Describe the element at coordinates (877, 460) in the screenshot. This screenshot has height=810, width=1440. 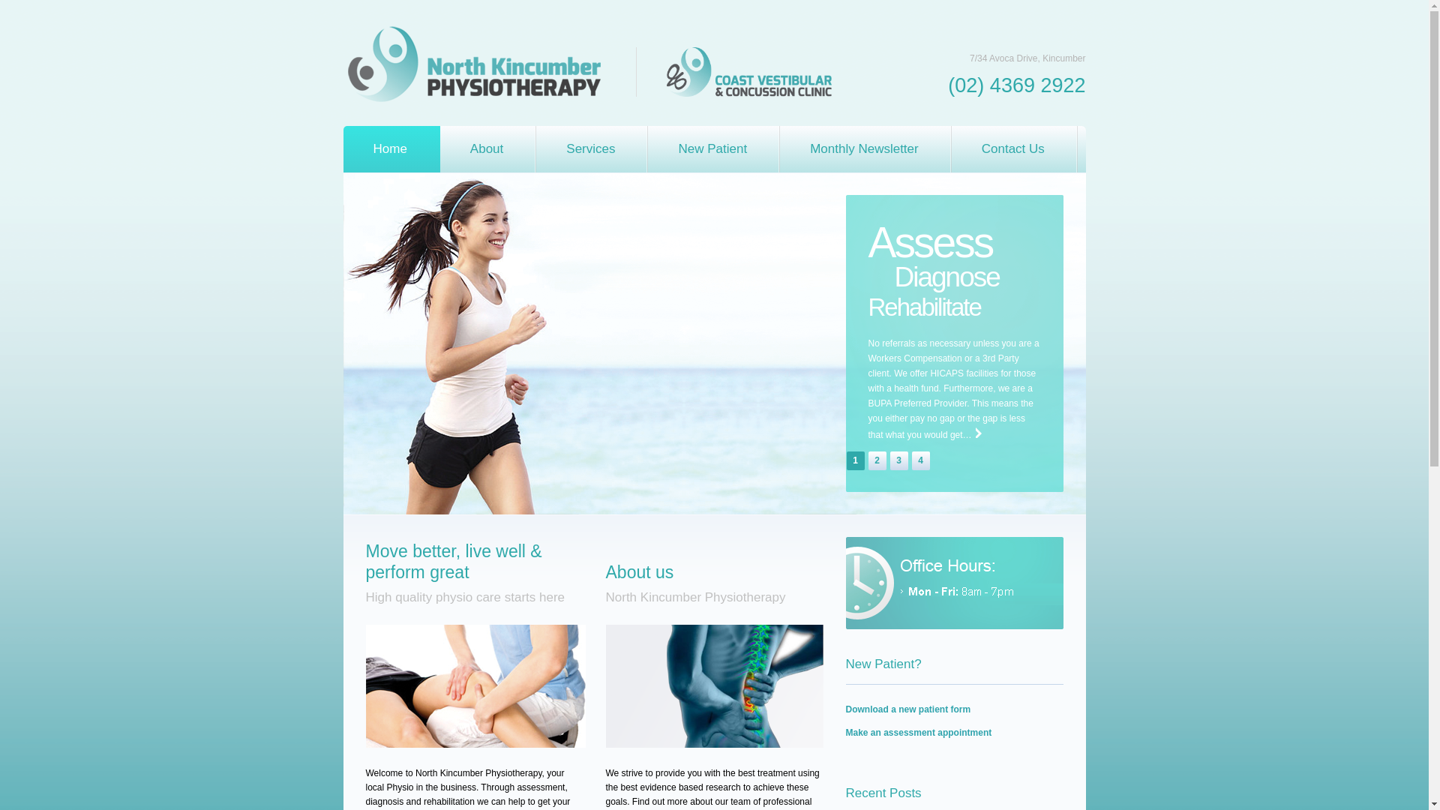
I see `'2'` at that location.